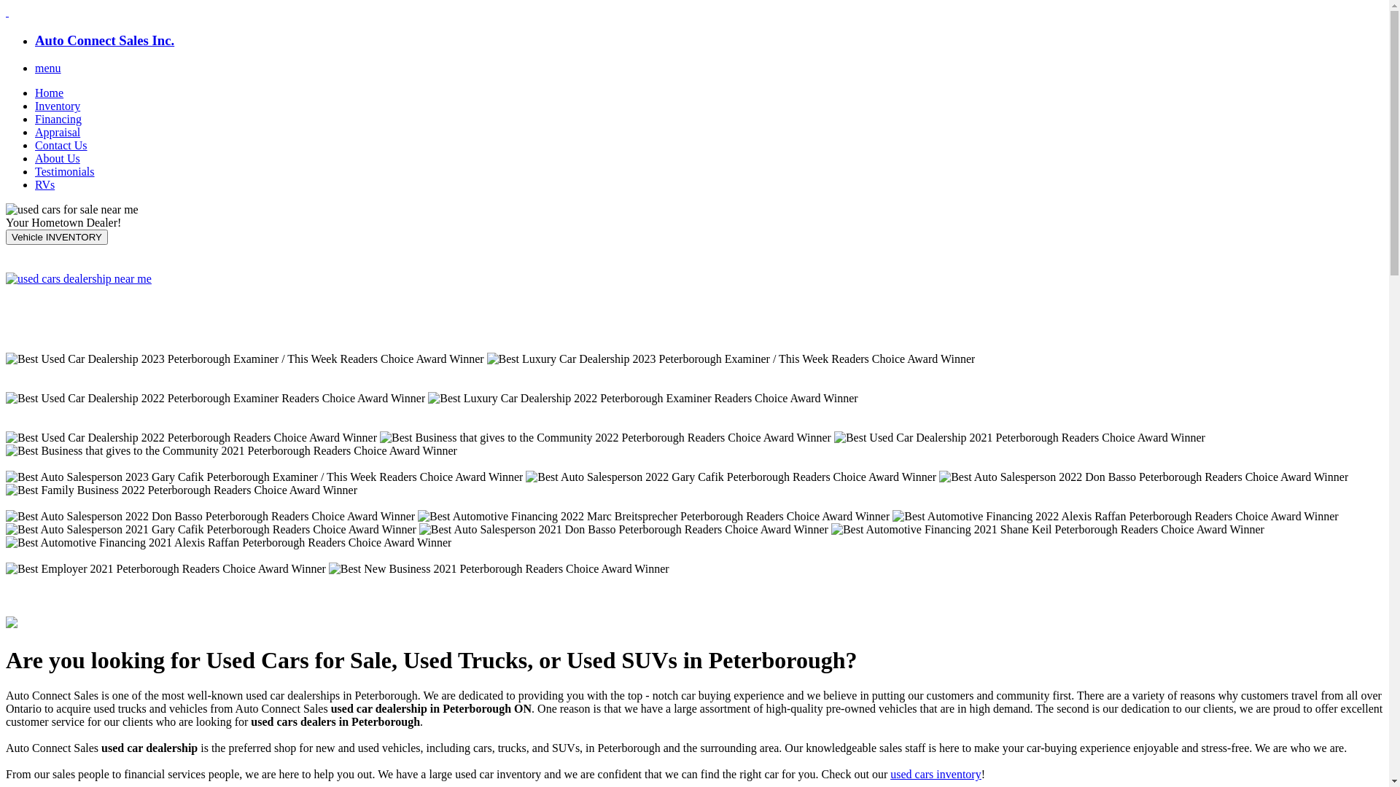  What do you see at coordinates (56, 236) in the screenshot?
I see `'Vehicle INVENTORY'` at bounding box center [56, 236].